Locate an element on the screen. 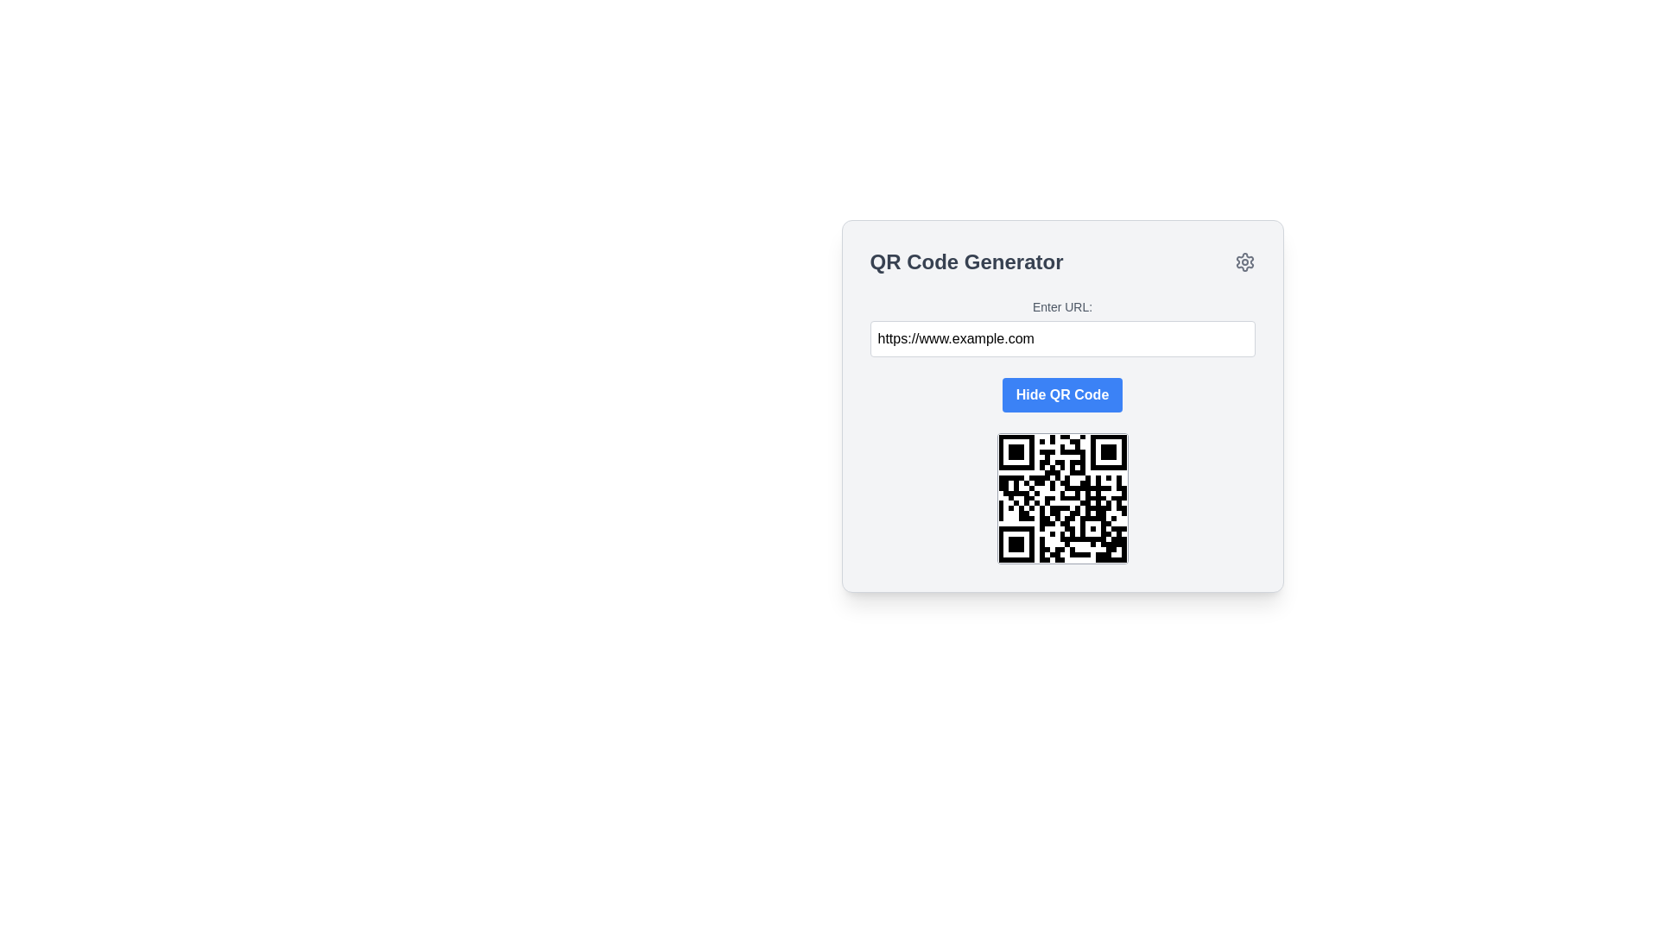 This screenshot has width=1658, height=932. the rectangular button with a blue background and white text that reads 'Hide QR Code' to change its background shade is located at coordinates (1061, 395).